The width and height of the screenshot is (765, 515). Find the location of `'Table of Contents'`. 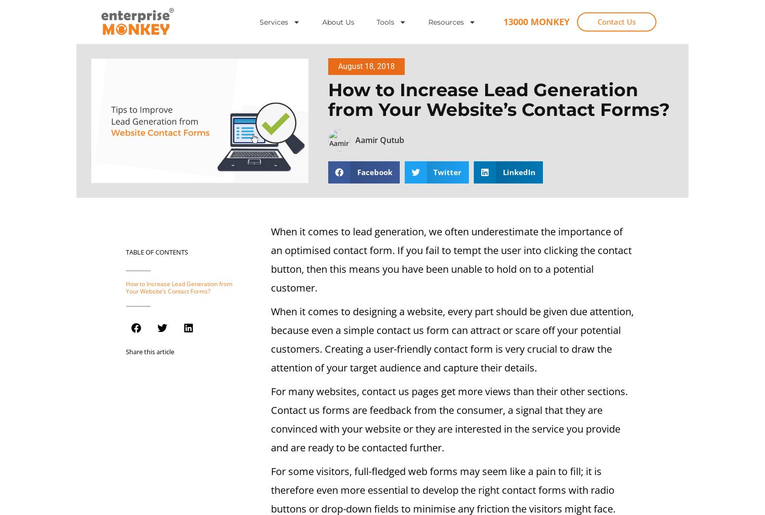

'Table of Contents' is located at coordinates (156, 251).